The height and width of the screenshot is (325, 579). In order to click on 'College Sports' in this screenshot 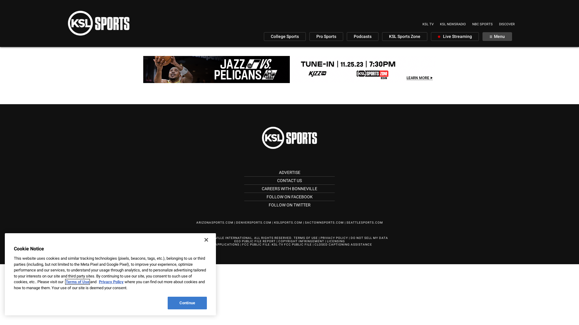, I will do `click(284, 36)`.